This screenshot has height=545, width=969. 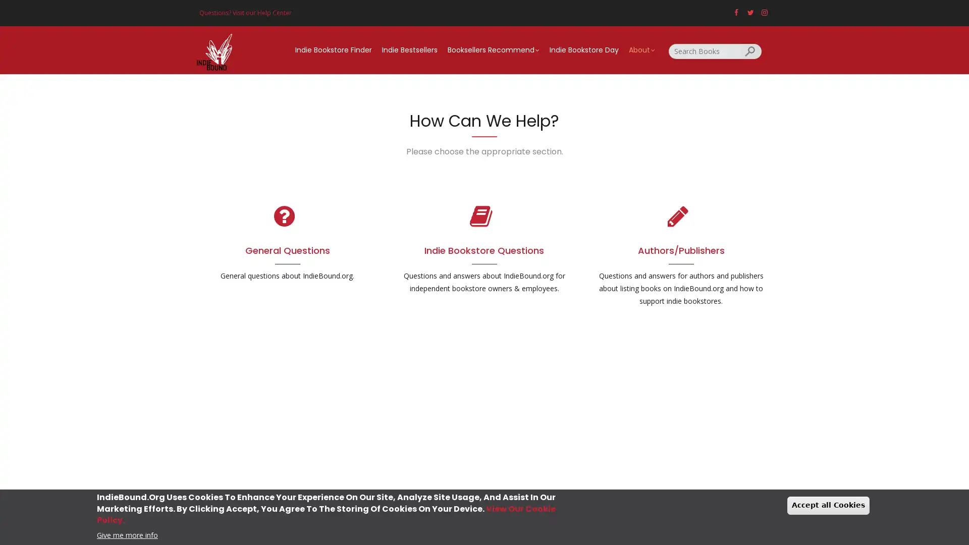 What do you see at coordinates (751, 50) in the screenshot?
I see `Search` at bounding box center [751, 50].